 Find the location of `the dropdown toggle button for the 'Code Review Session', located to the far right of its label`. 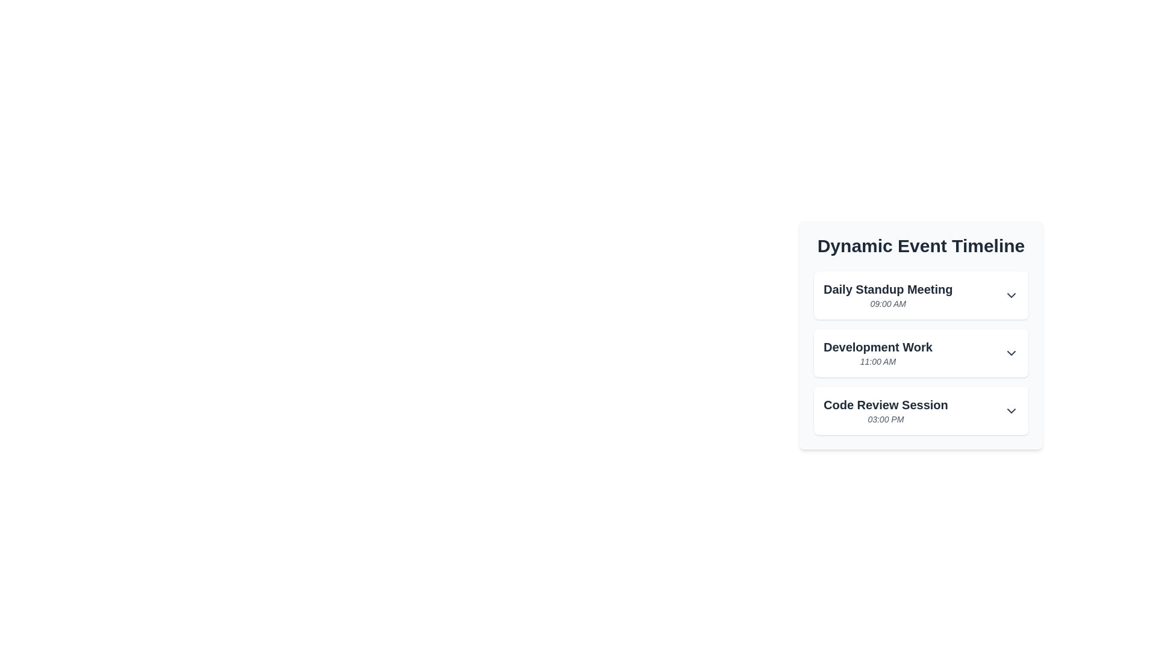

the dropdown toggle button for the 'Code Review Session', located to the far right of its label is located at coordinates (1011, 410).